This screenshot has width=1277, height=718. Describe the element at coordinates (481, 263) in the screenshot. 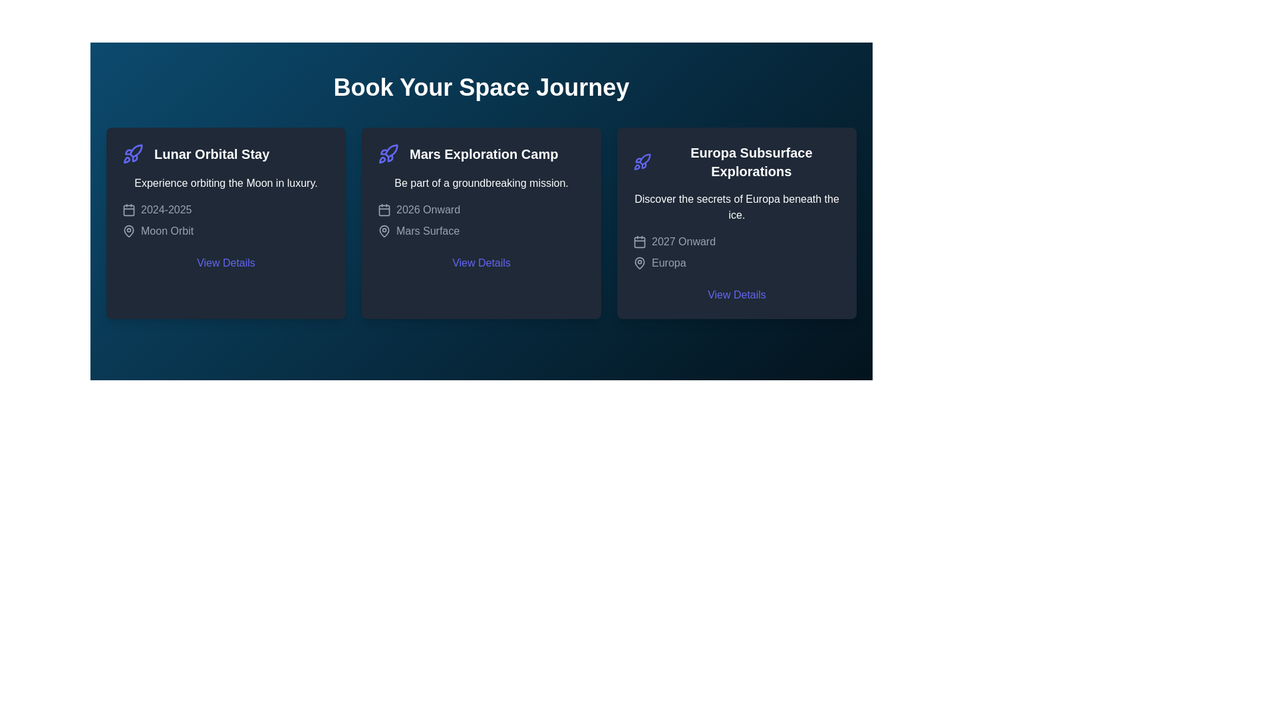

I see `the hyperlink at the bottom of the 'Mars Exploration Camp' card` at that location.